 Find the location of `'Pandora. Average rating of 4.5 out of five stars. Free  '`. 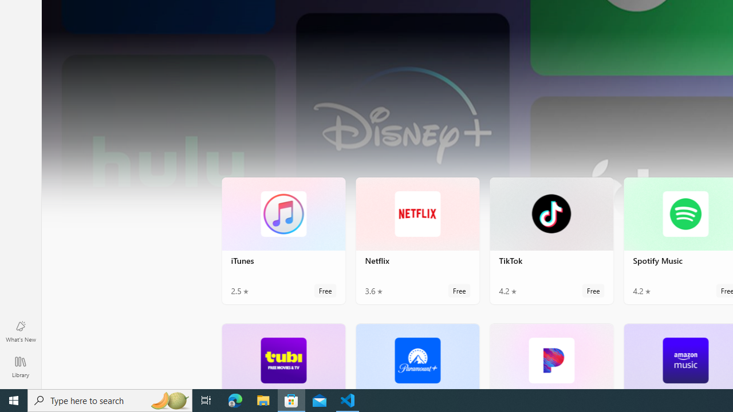

'Pandora. Average rating of 4.5 out of five stars. Free  ' is located at coordinates (551, 355).